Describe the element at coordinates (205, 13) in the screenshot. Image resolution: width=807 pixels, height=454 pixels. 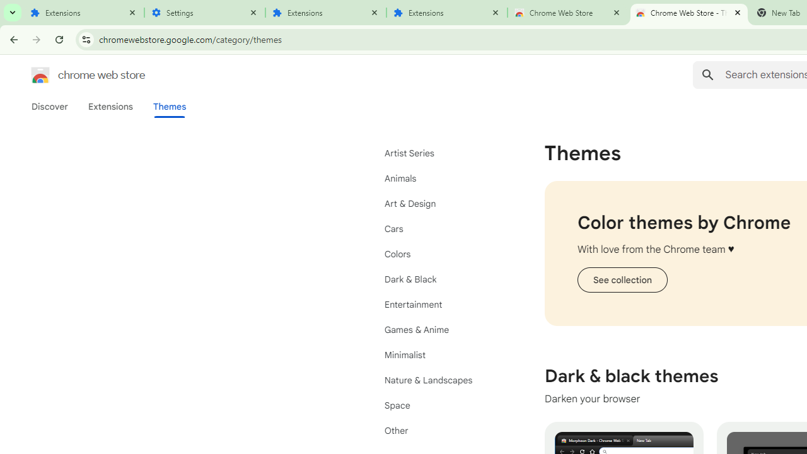
I see `'Settings'` at that location.